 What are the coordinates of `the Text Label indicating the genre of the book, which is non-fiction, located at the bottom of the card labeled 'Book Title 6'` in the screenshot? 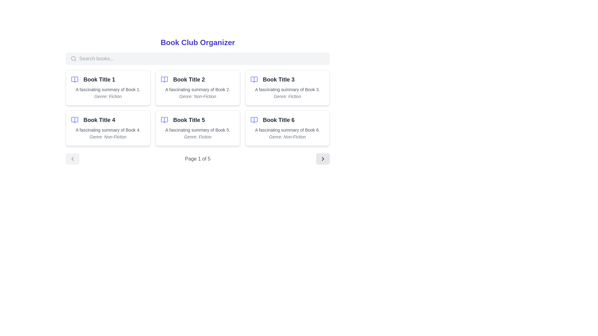 It's located at (287, 136).